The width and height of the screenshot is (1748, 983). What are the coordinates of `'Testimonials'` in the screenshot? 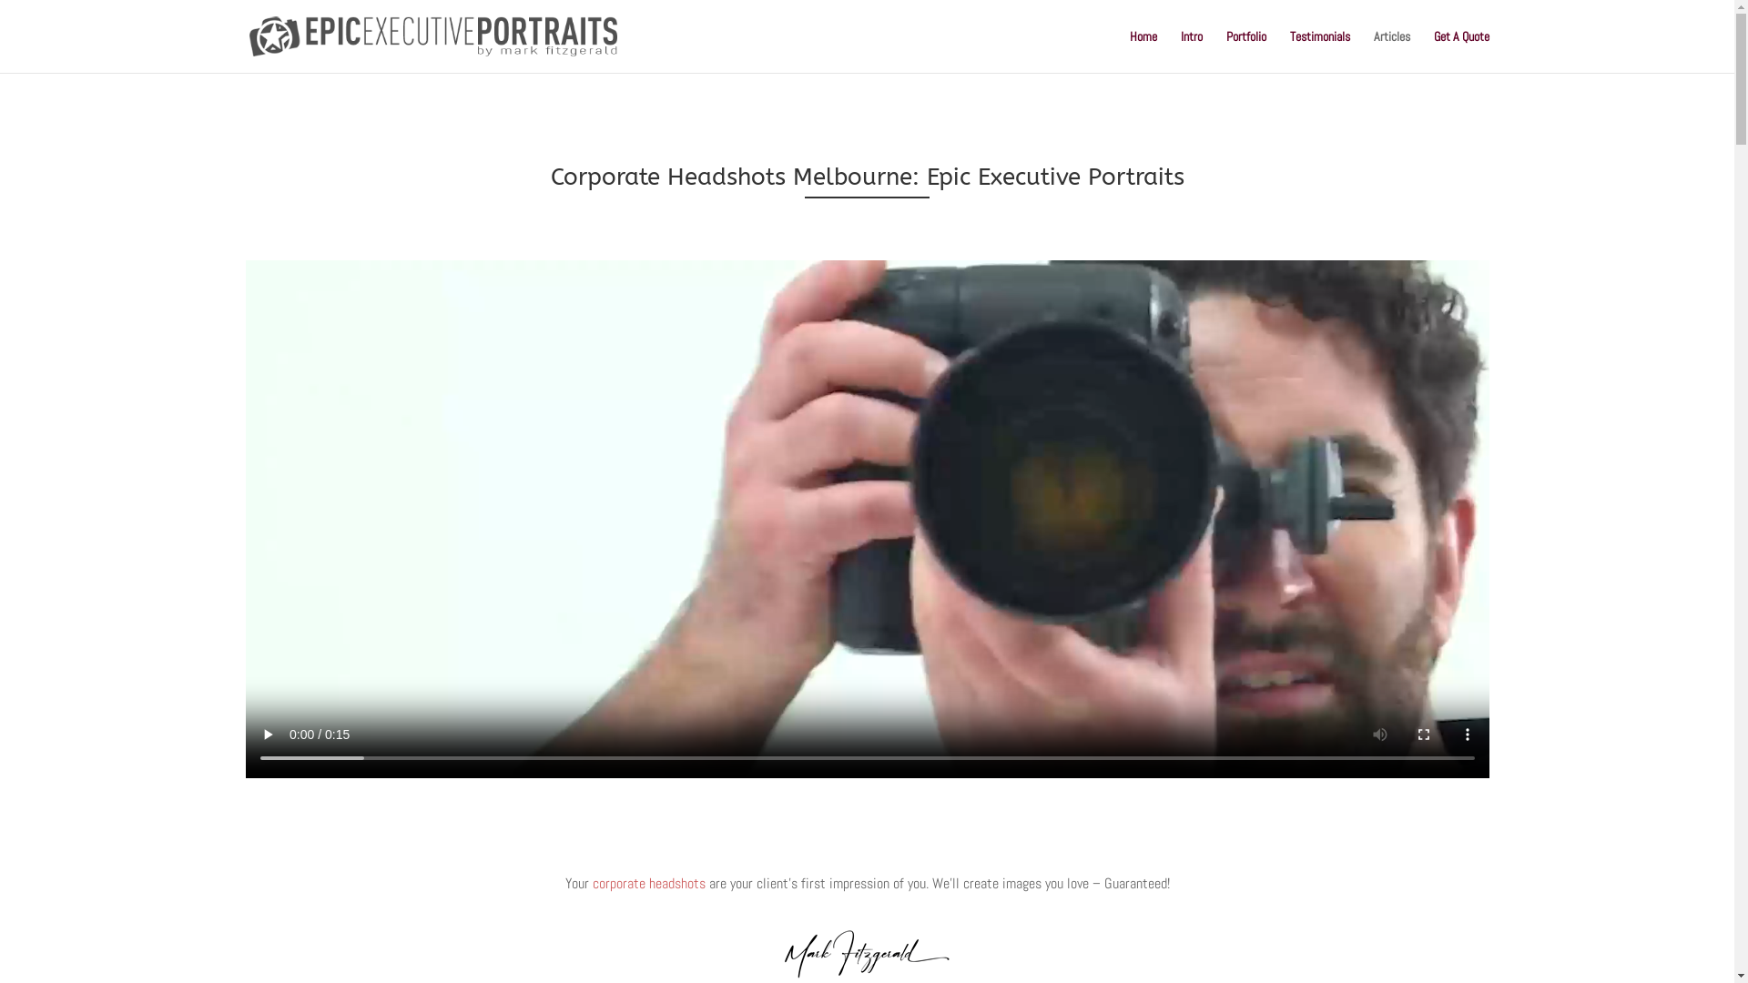 It's located at (1319, 50).